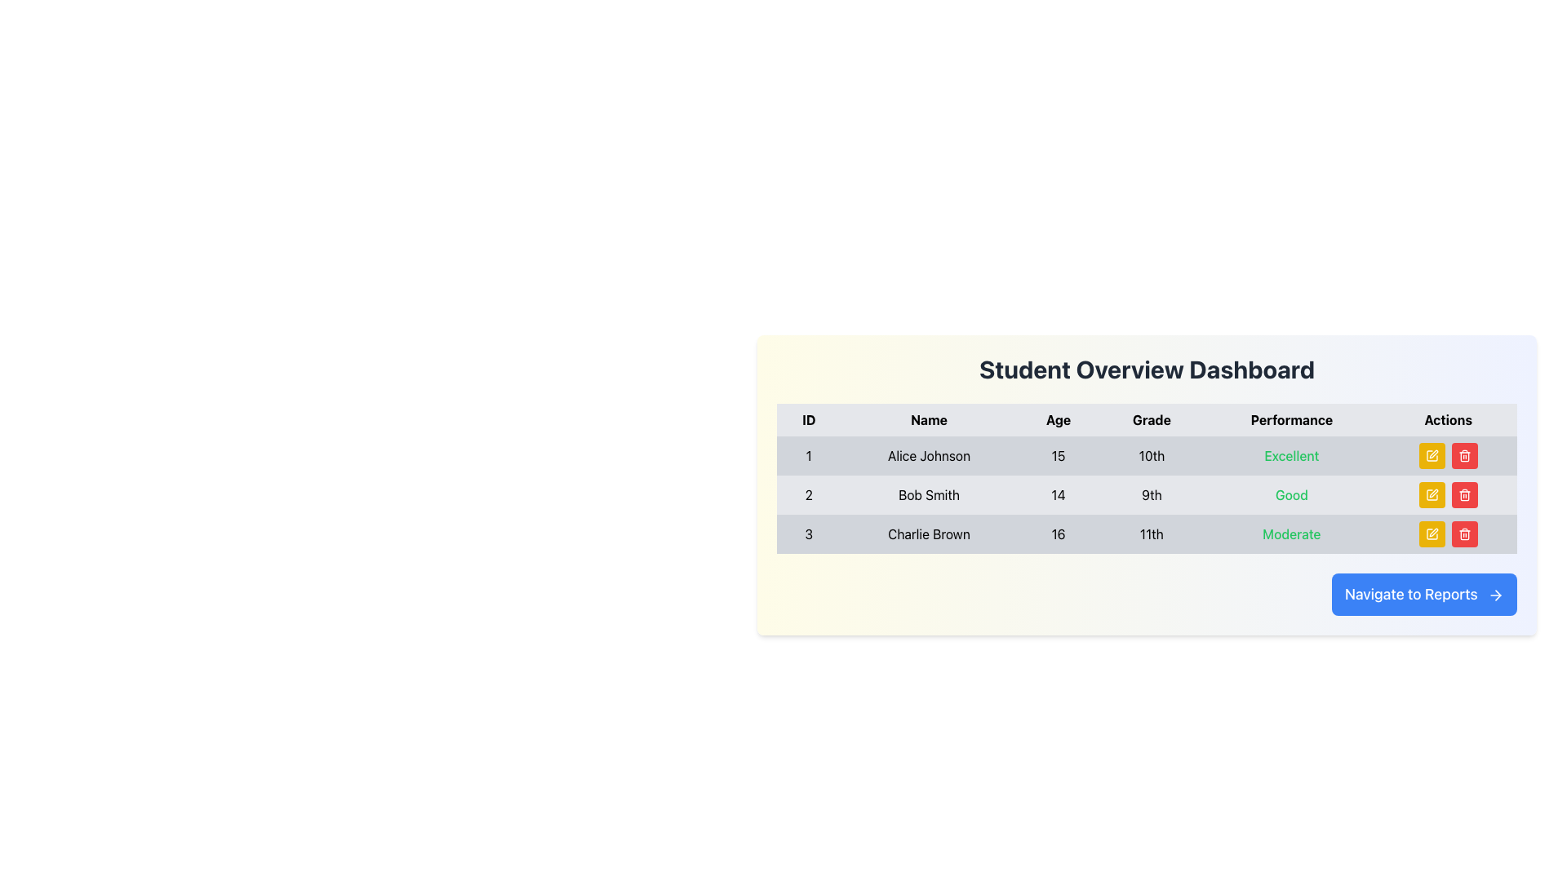 This screenshot has width=1567, height=881. I want to click on the red delete button with a trash can icon located in the 'Actions' column, second row of the table, so click(1464, 456).